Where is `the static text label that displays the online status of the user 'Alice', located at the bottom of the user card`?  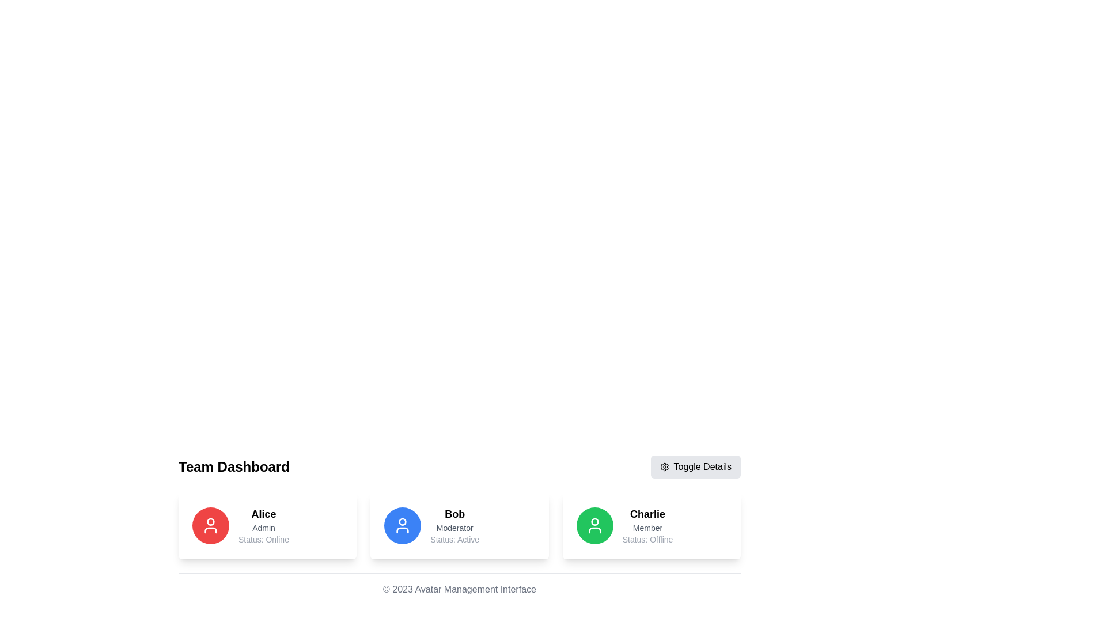 the static text label that displays the online status of the user 'Alice', located at the bottom of the user card is located at coordinates (263, 540).